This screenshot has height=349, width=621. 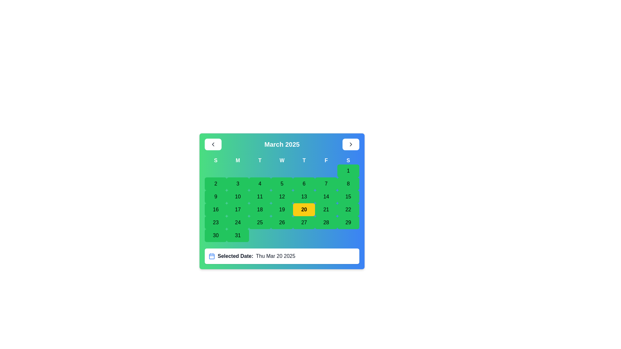 What do you see at coordinates (260, 196) in the screenshot?
I see `the button for the 11th day of the month in the calendar interface to change its visual style` at bounding box center [260, 196].